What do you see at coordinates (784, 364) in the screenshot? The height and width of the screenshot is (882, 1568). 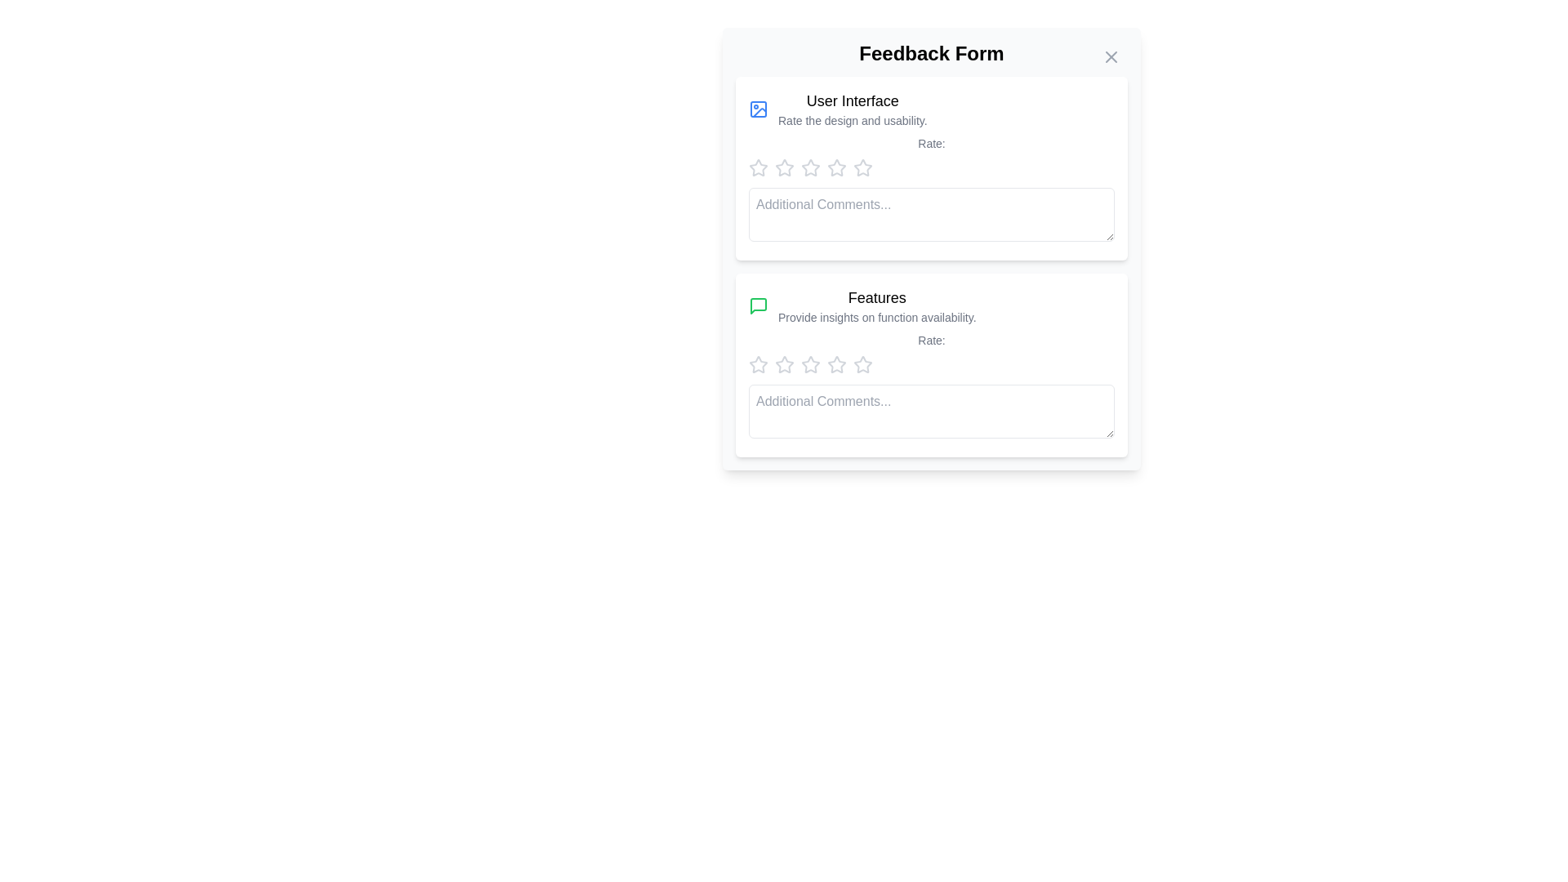 I see `the second star icon in the rating section to visualize the hover effect, which changes its color to yellow` at bounding box center [784, 364].